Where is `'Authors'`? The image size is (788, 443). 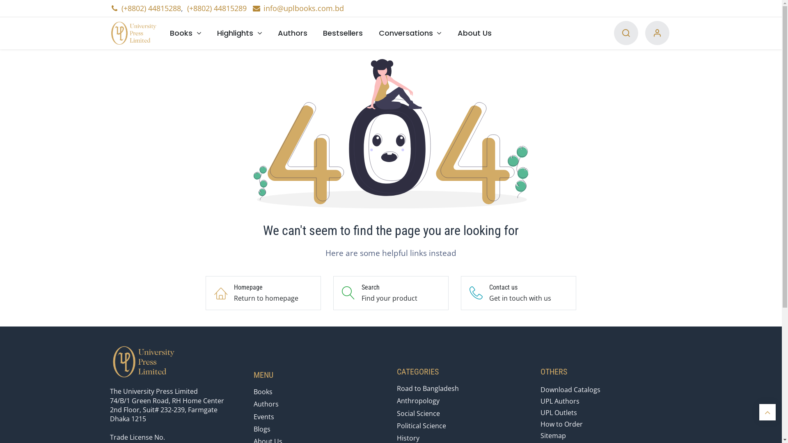
'Authors' is located at coordinates (293, 32).